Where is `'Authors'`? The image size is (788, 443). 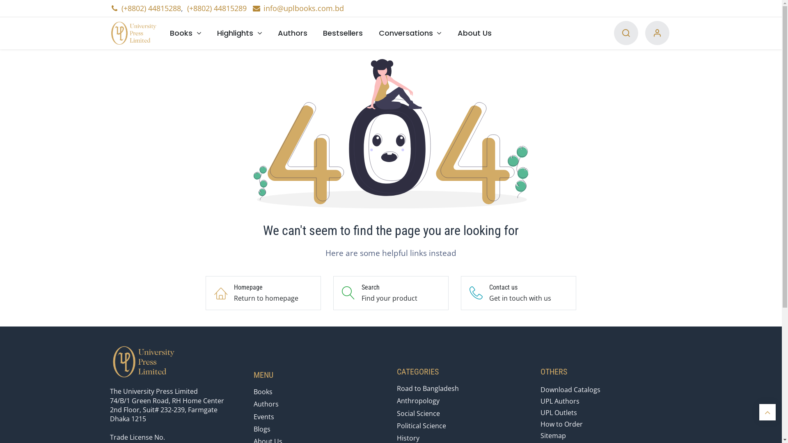
'Authors' is located at coordinates (293, 32).